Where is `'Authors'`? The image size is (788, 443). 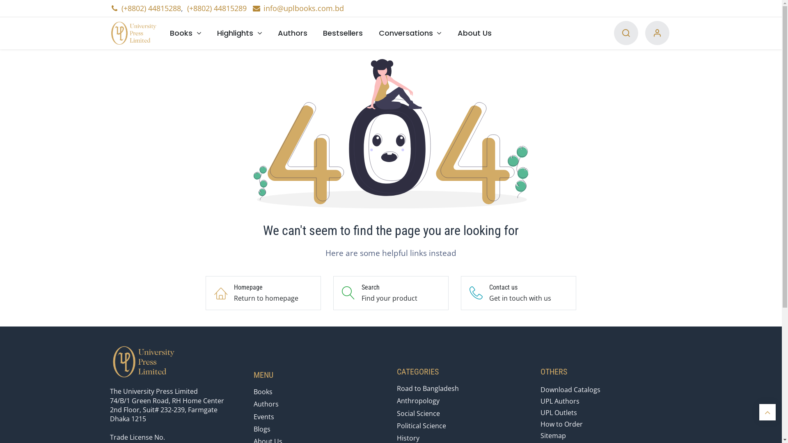
'Authors' is located at coordinates (293, 32).